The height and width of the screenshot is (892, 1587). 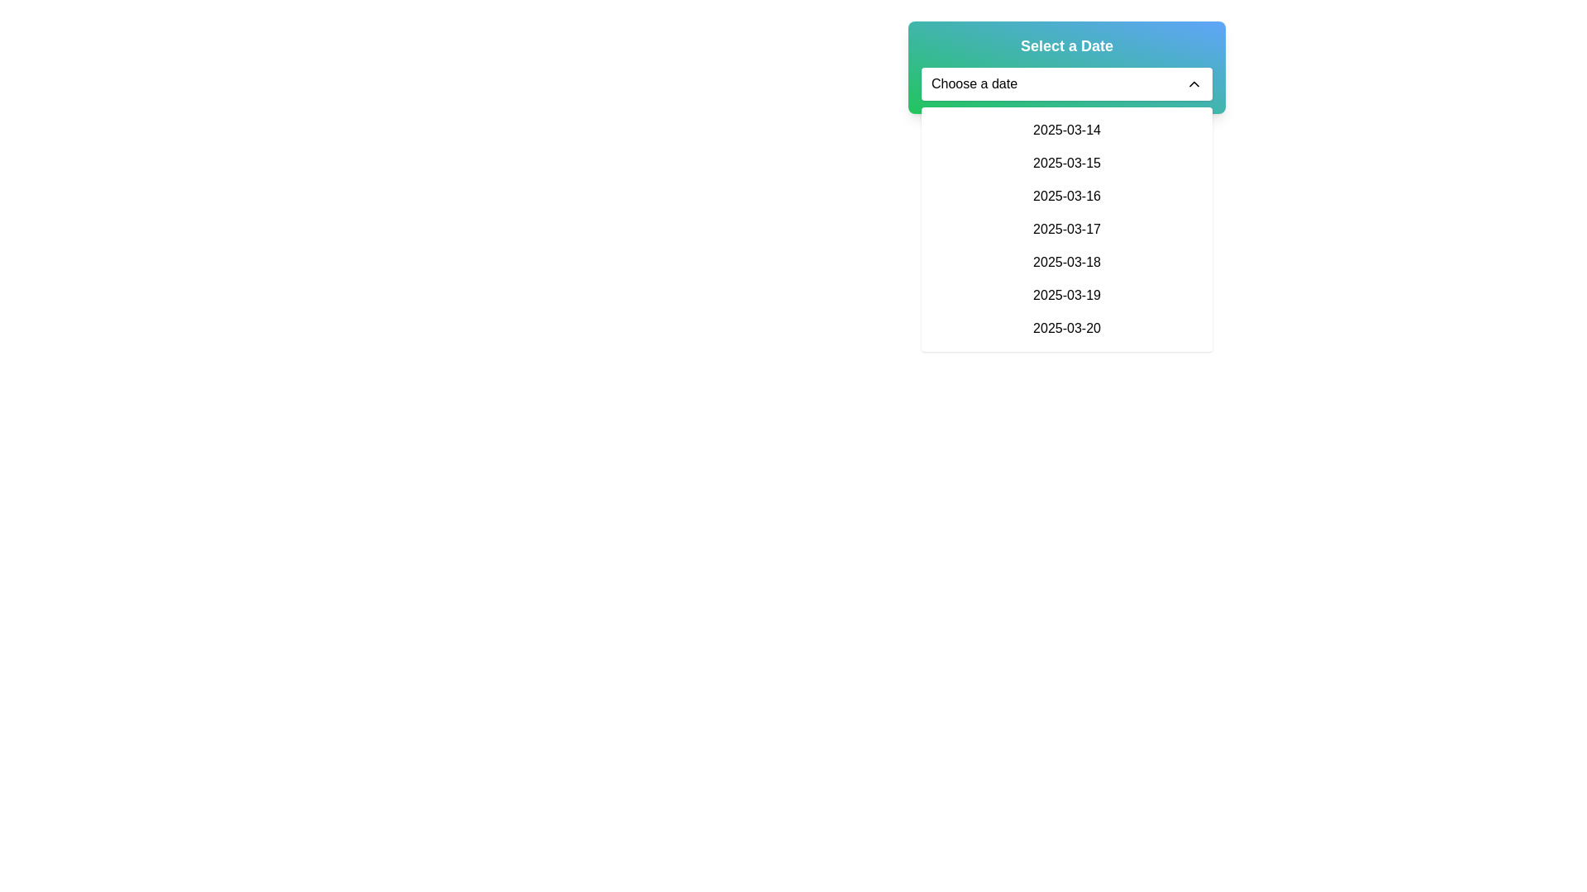 I want to click on the list item displaying the date '2025-03-17' in the dropdown menu beneath 'Select a Date', so click(x=1067, y=229).